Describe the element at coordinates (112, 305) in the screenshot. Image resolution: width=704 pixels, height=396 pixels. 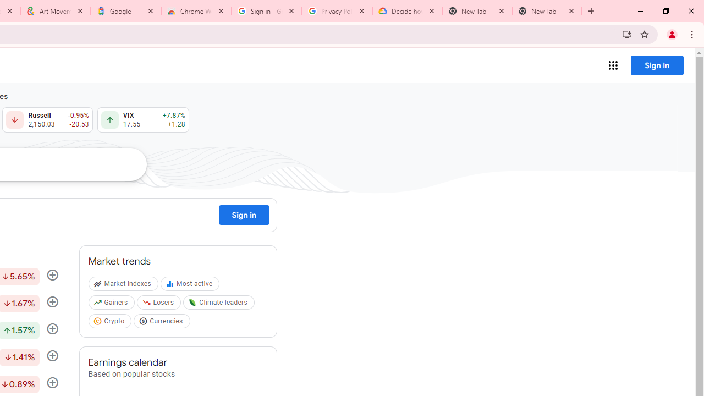
I see `'Gainers'` at that location.